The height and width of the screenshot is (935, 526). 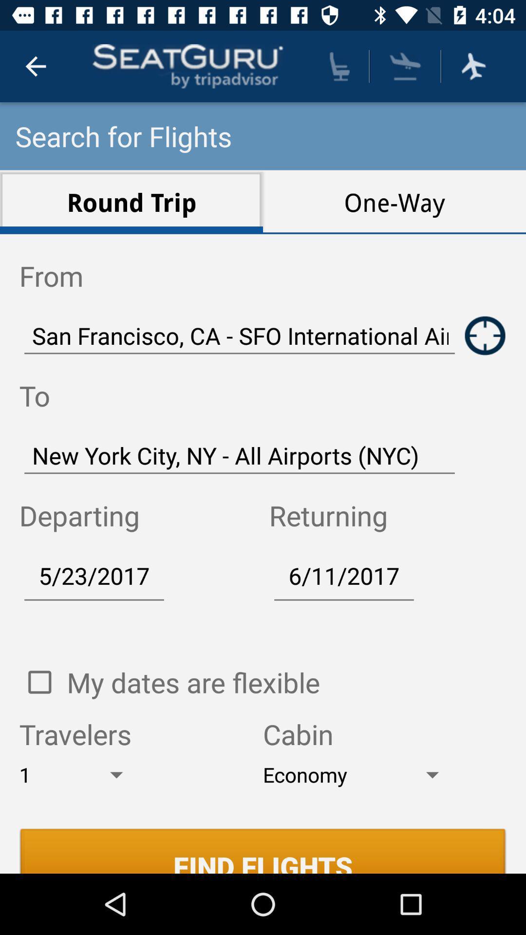 I want to click on 5/23/2017, so click(x=94, y=575).